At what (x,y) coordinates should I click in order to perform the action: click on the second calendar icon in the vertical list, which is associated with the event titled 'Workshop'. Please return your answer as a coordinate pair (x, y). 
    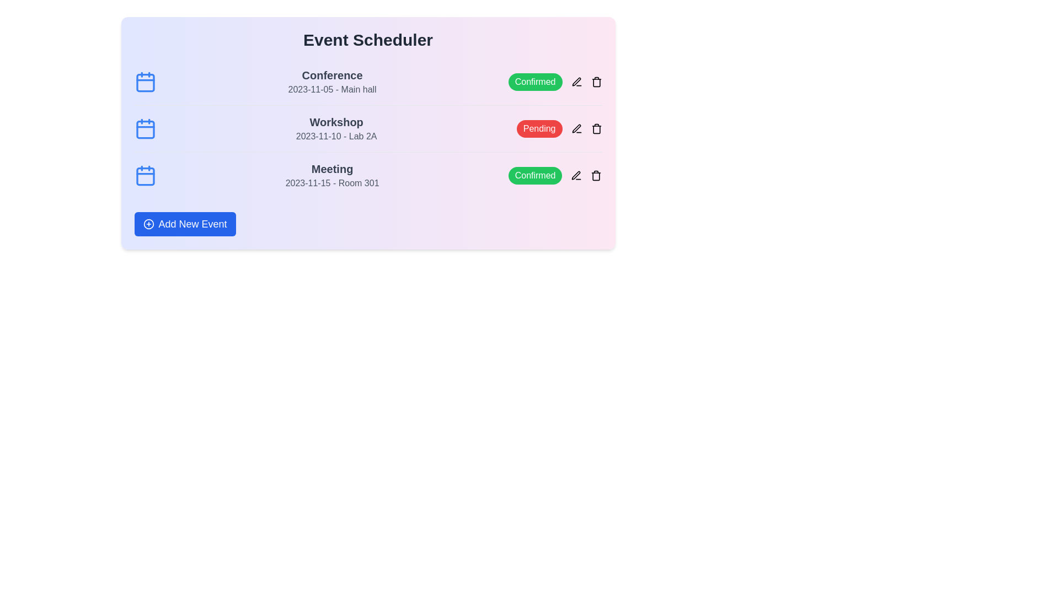
    Looking at the image, I should click on (145, 128).